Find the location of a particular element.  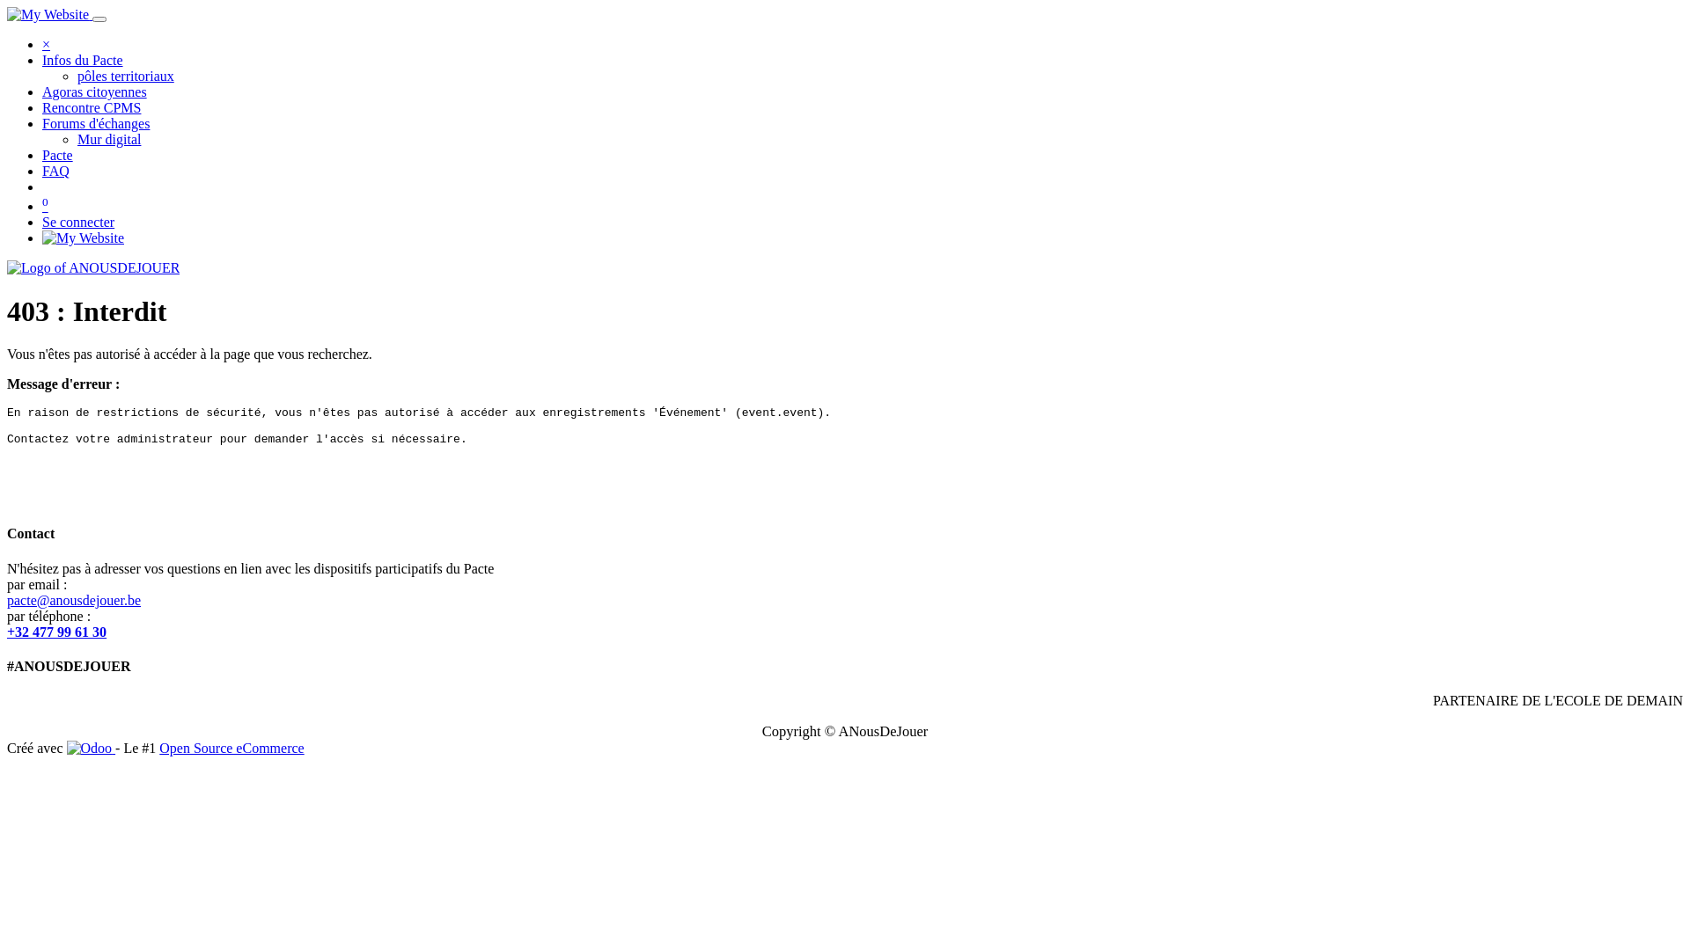

'Agoras citoyennes' is located at coordinates (93, 91).